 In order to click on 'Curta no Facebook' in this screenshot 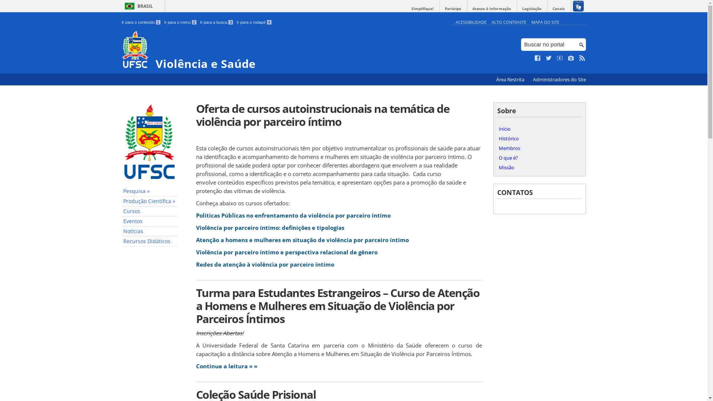, I will do `click(538, 58)`.